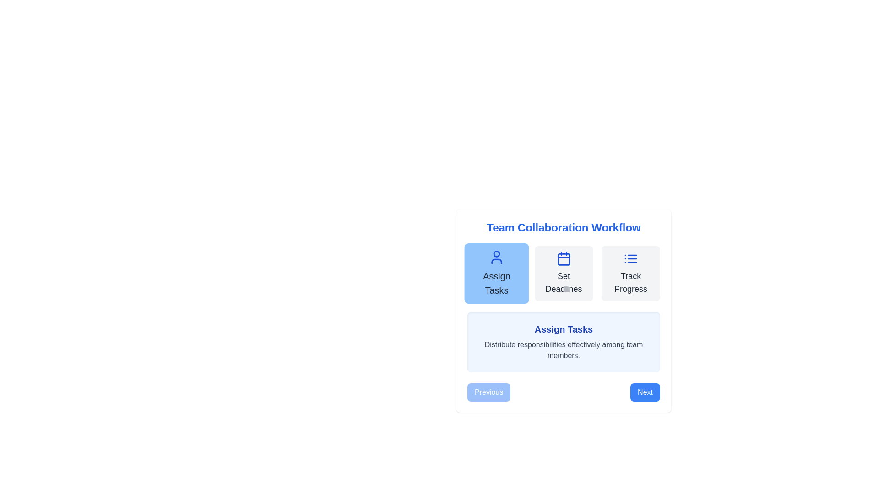 This screenshot has height=494, width=879. Describe the element at coordinates (496, 254) in the screenshot. I see `the circular head icon of the user icon, which is located within the 'Assign Tasks' button area on the leftmost side of the group of icons` at that location.